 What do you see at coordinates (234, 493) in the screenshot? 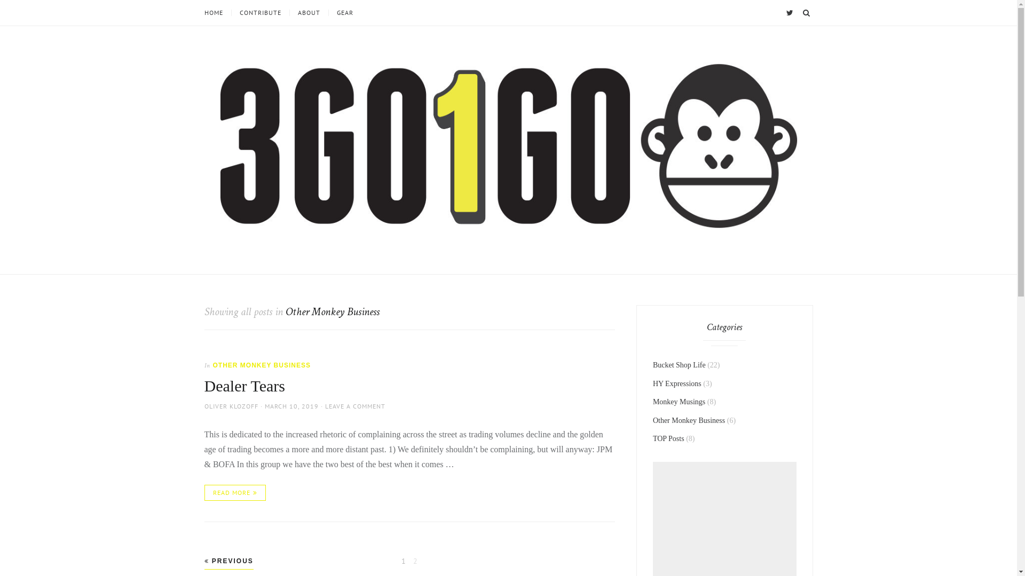
I see `'READ MORE'` at bounding box center [234, 493].